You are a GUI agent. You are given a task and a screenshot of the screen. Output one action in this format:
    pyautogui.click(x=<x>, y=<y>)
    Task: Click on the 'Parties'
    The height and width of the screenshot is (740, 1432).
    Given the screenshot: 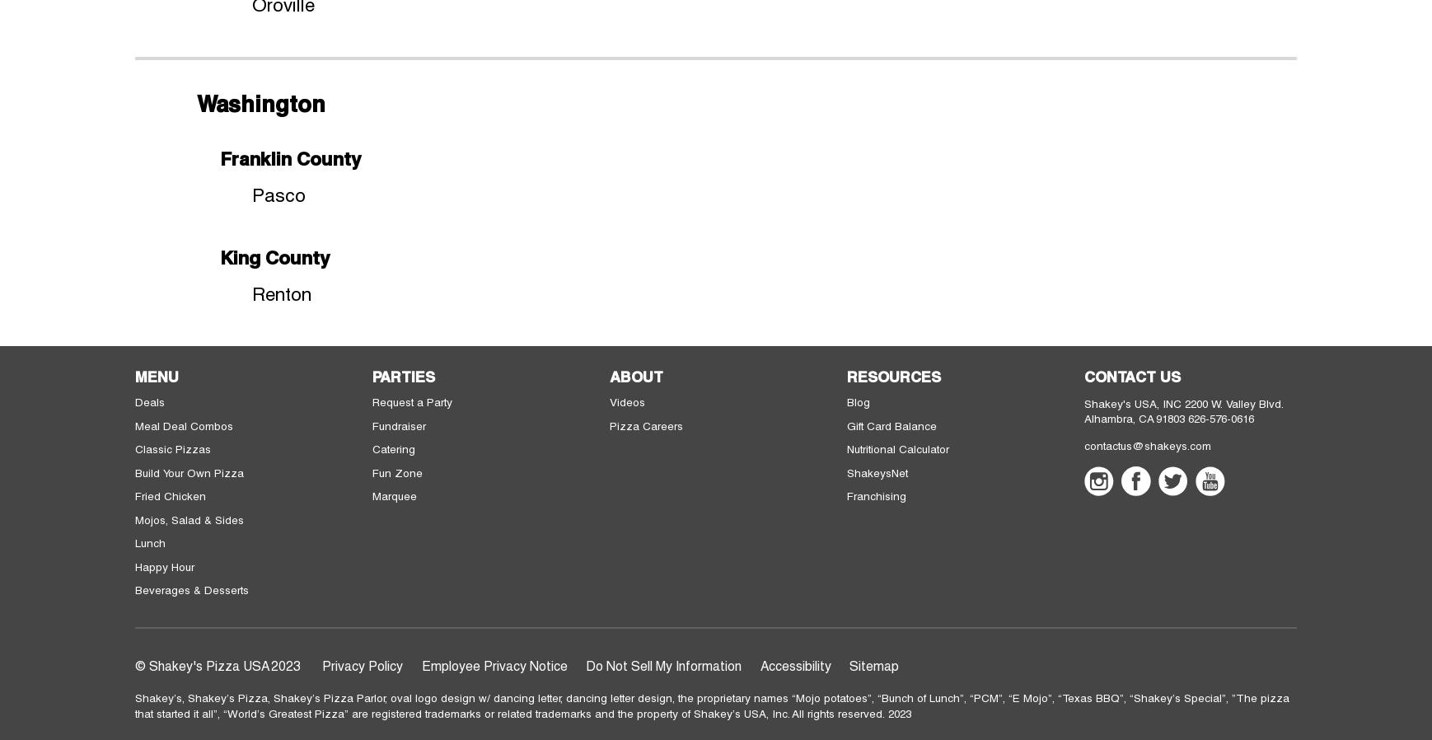 What is the action you would take?
    pyautogui.click(x=403, y=375)
    